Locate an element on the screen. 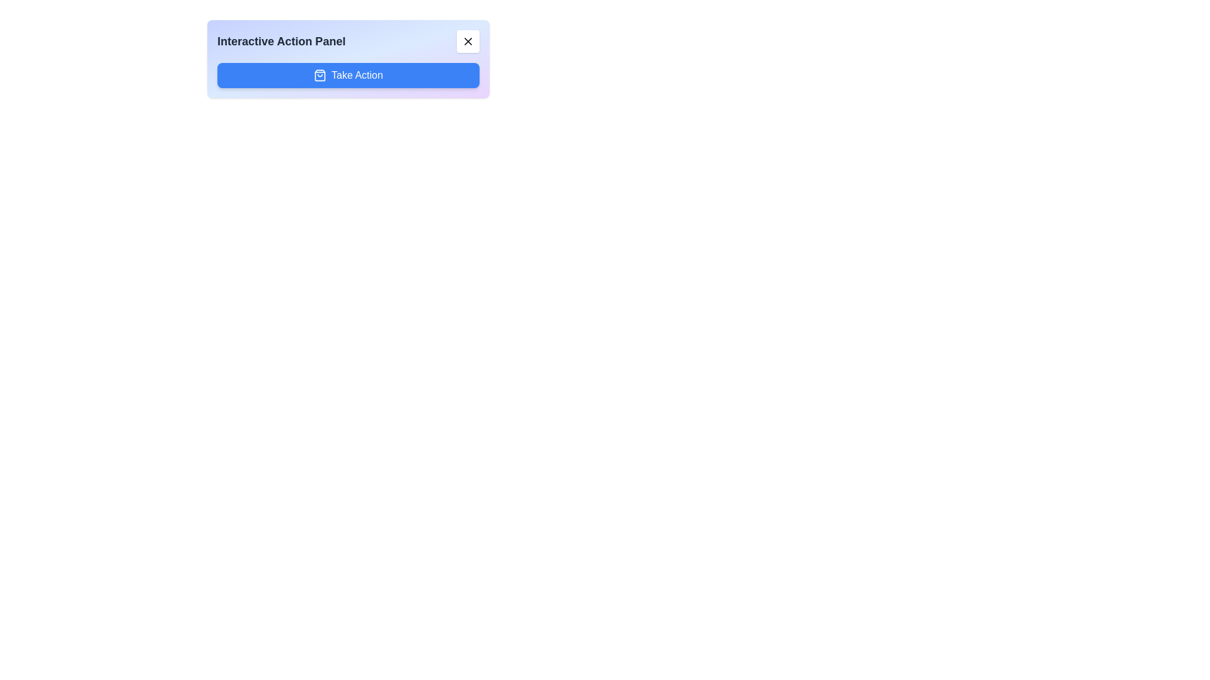 The image size is (1210, 680). the close button located at the upper-right corner of the 'Interactive Action Panel' is located at coordinates (468, 40).